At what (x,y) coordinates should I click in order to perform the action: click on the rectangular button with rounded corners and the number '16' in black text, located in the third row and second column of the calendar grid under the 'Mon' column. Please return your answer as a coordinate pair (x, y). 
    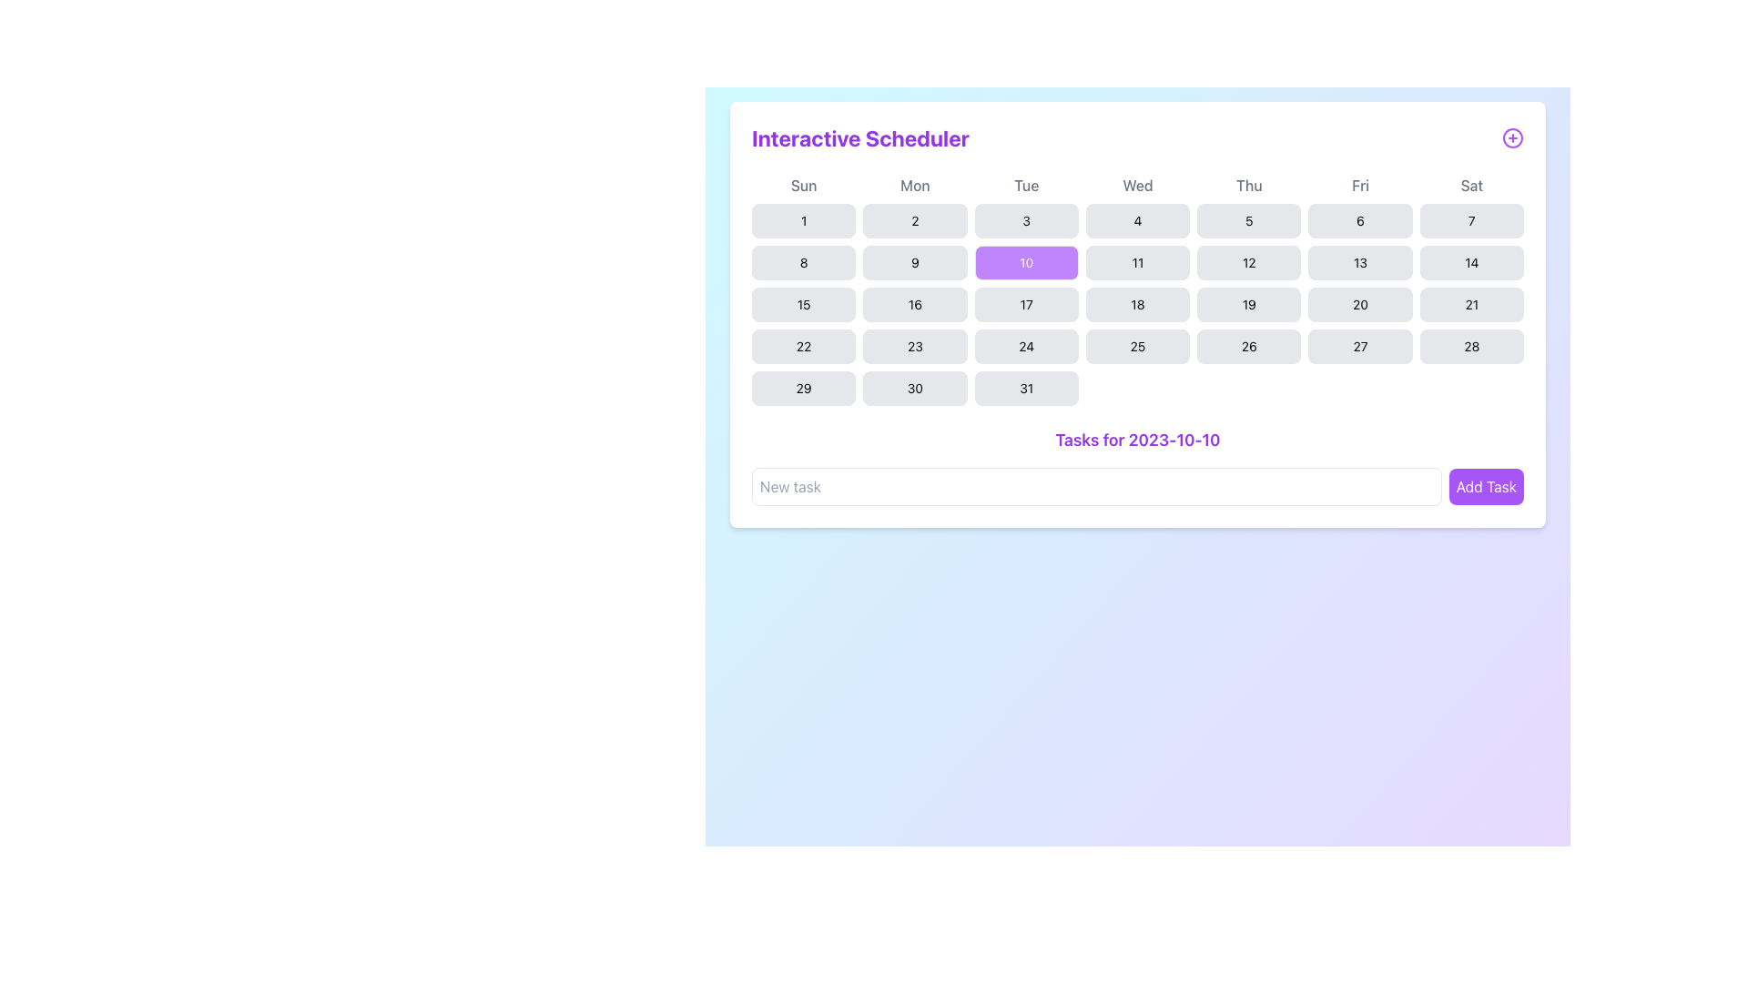
    Looking at the image, I should click on (915, 304).